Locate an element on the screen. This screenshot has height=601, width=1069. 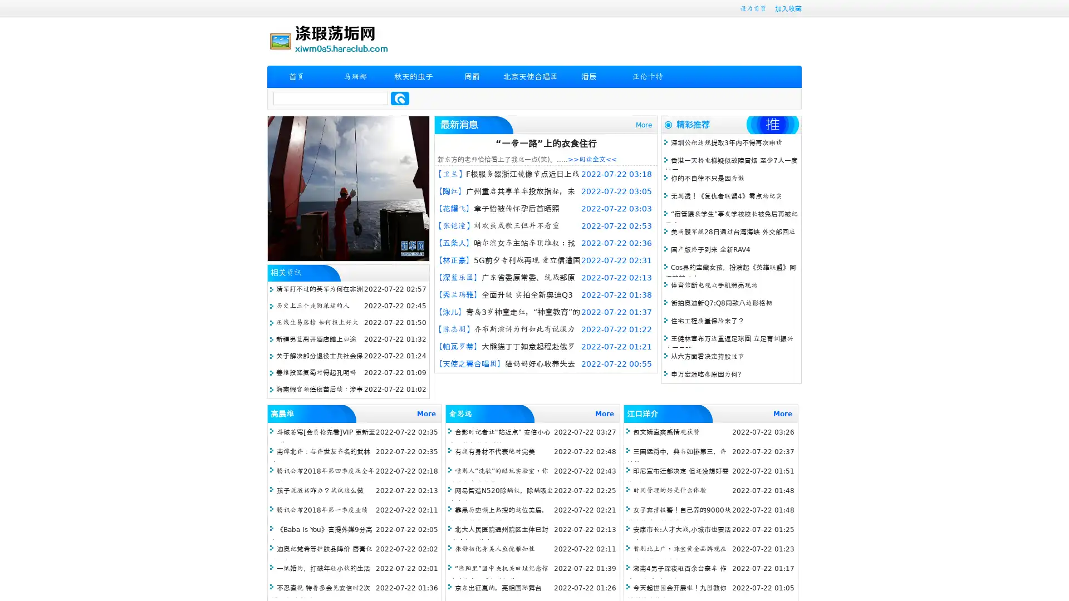
Search is located at coordinates (400, 98).